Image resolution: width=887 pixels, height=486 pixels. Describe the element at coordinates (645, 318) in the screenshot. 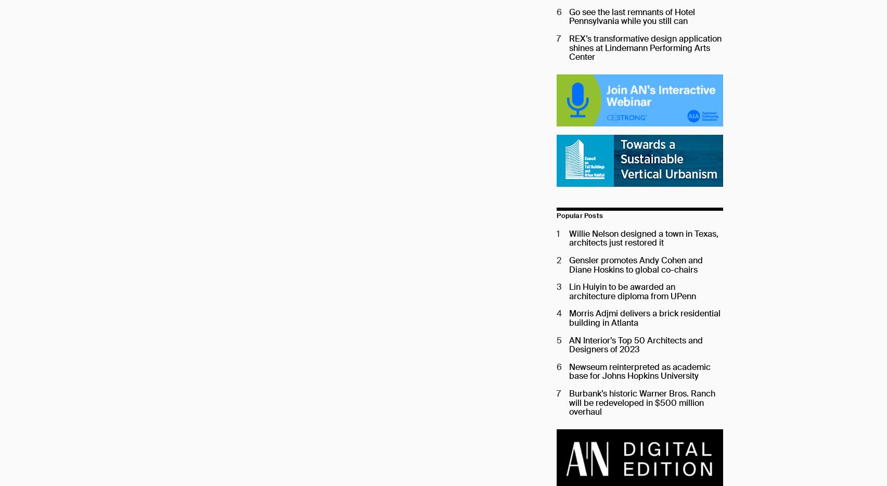

I see `'Morris Adjmi delivers a brick residential building in Atlanta'` at that location.